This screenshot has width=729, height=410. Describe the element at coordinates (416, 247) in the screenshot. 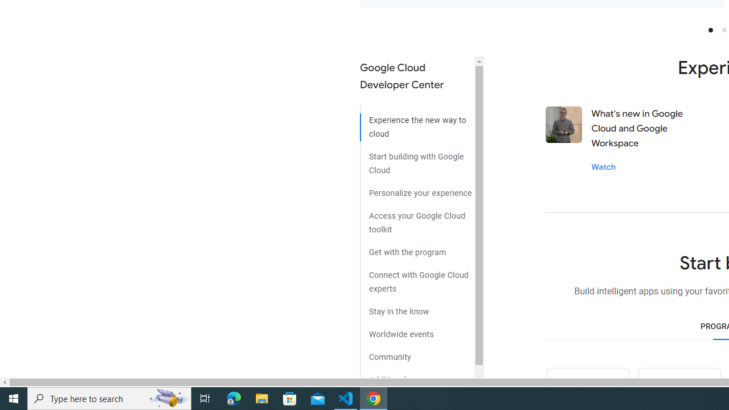

I see `'Get with the program'` at that location.